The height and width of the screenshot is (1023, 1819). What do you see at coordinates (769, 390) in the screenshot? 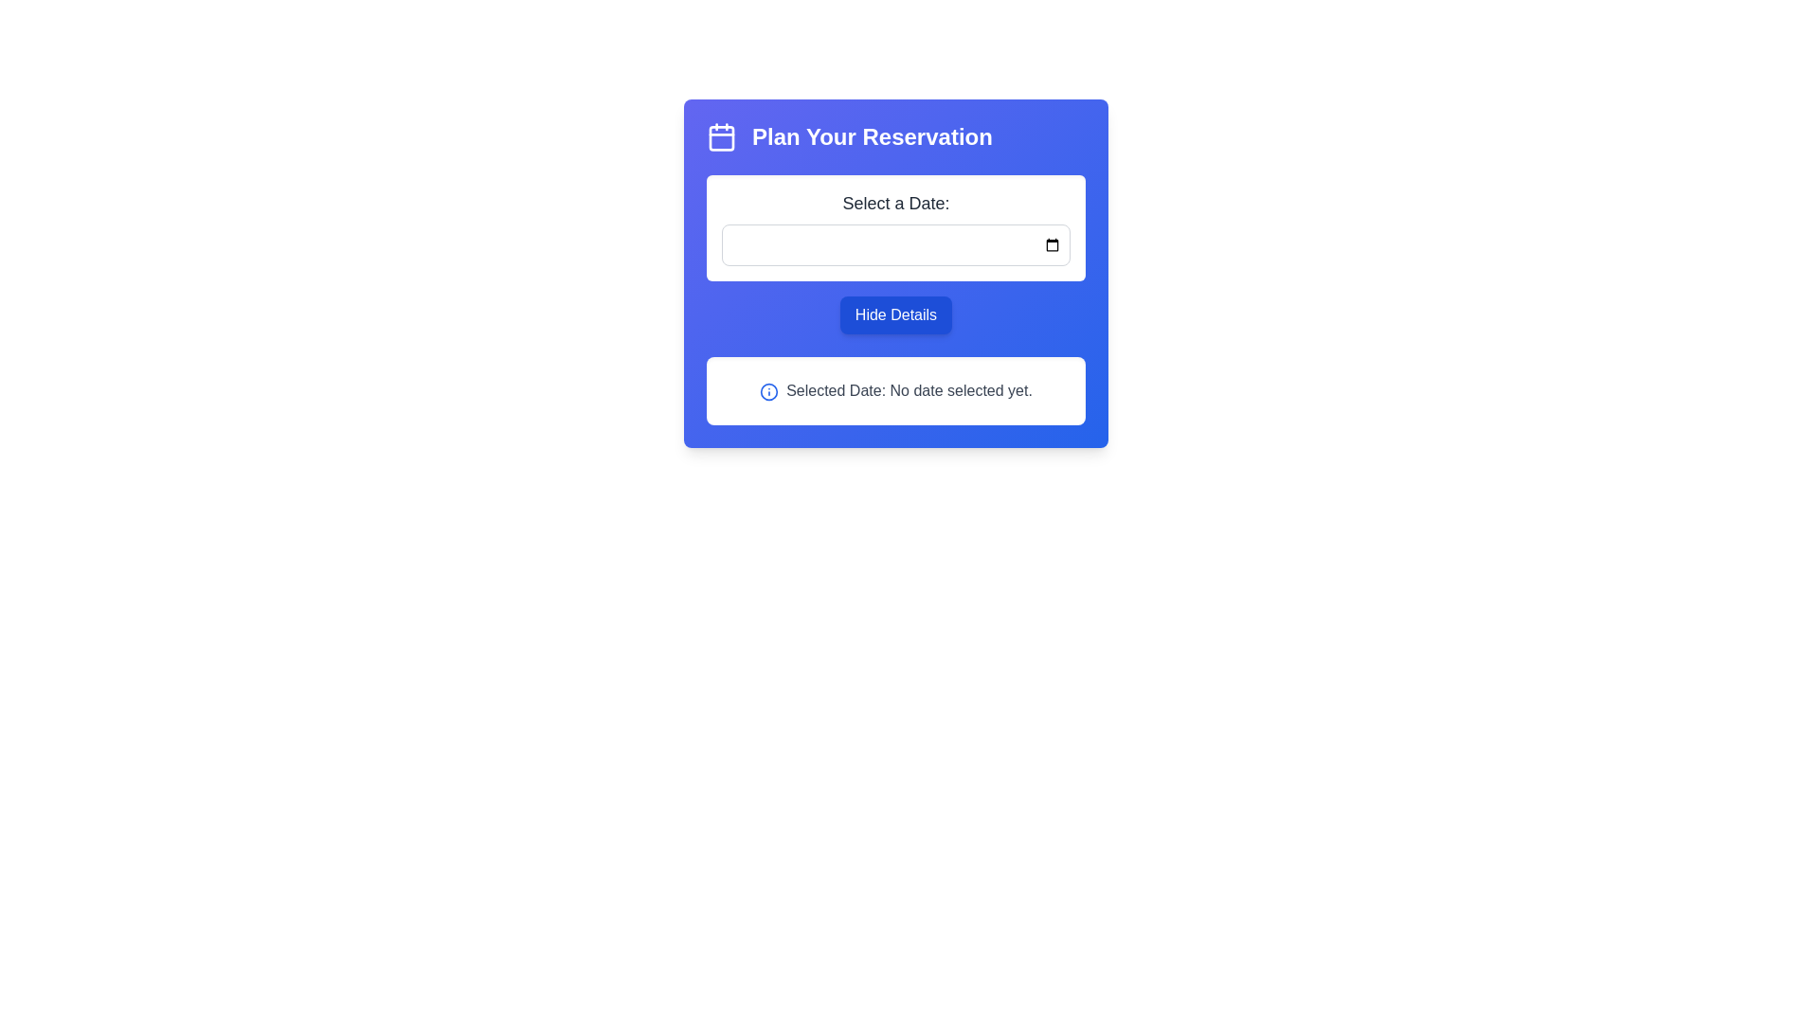
I see `the decorative icon or symbol (SVG) located at the left edge of the card, preceding the notification text 'Selected Date: No date selected yet.'` at bounding box center [769, 390].